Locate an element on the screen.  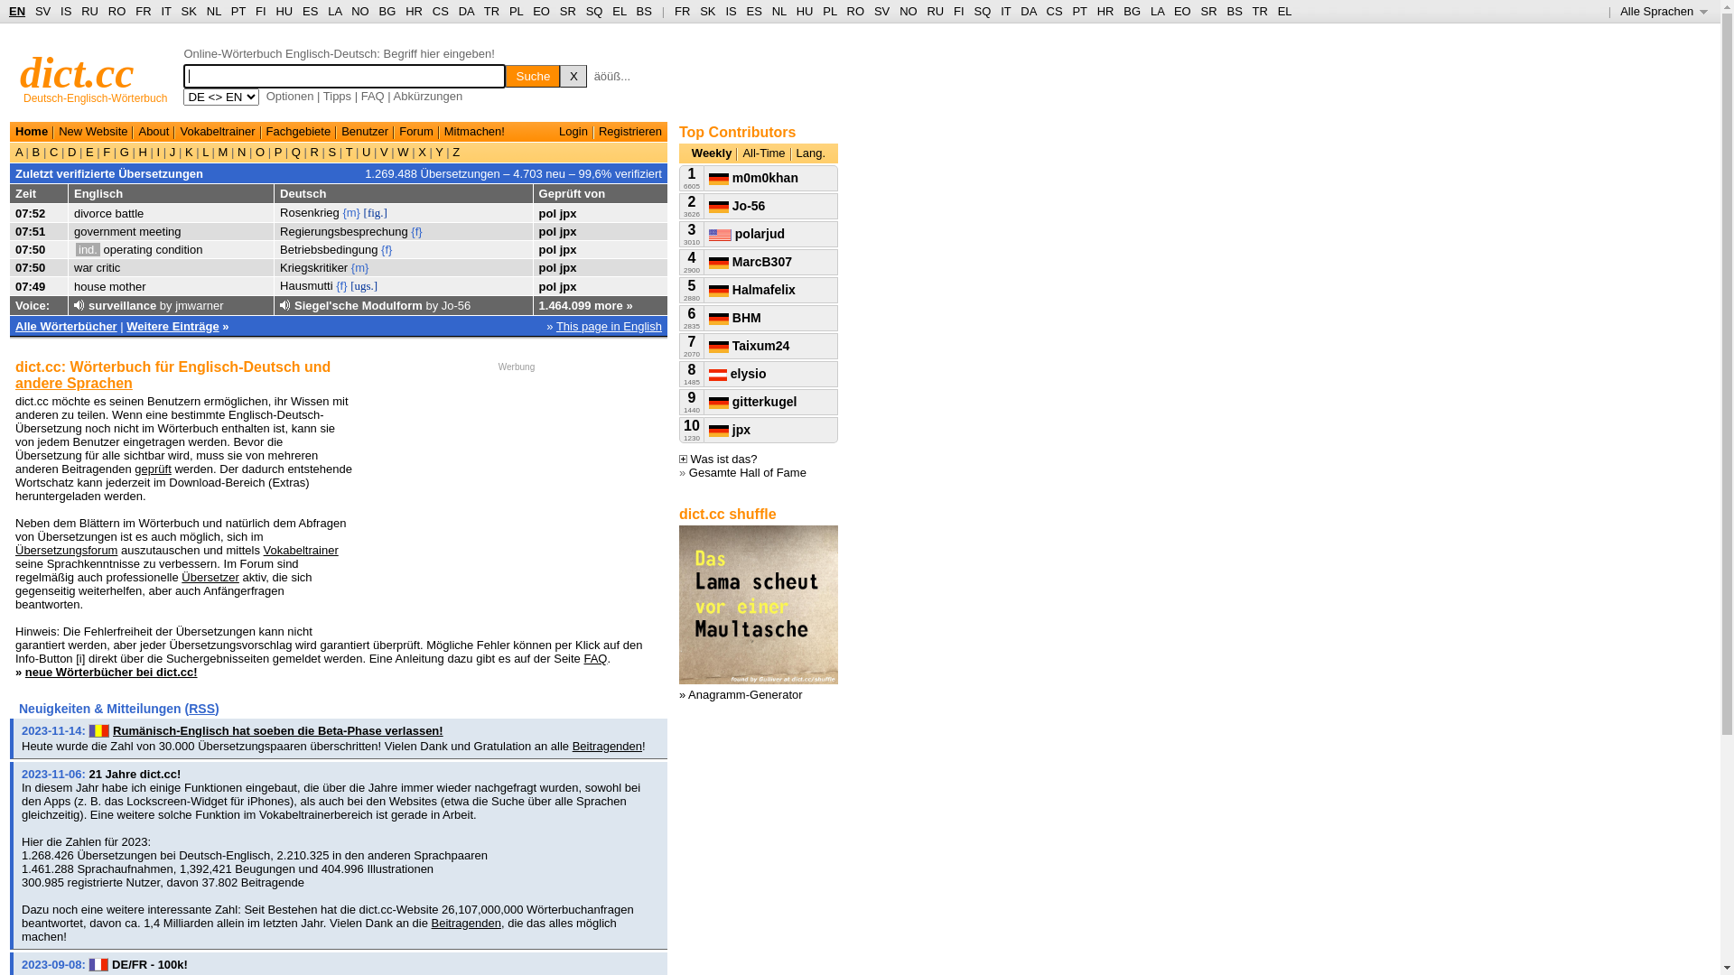
'HR' is located at coordinates (413, 11).